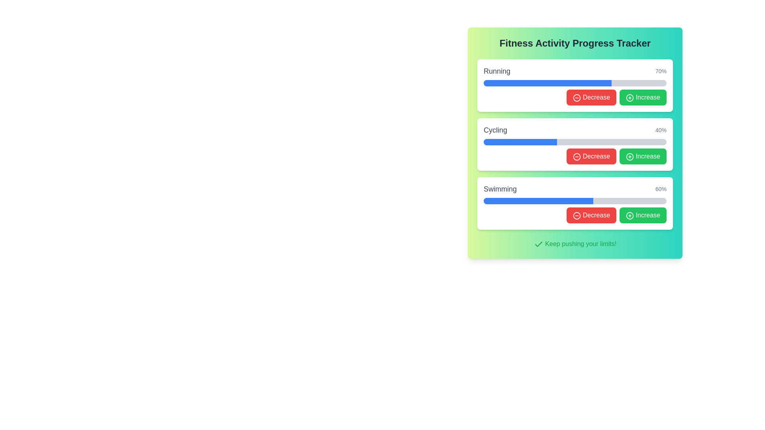 This screenshot has height=430, width=765. What do you see at coordinates (591, 215) in the screenshot?
I see `the red 'Decrease' button, which has white text and a minus icon` at bounding box center [591, 215].